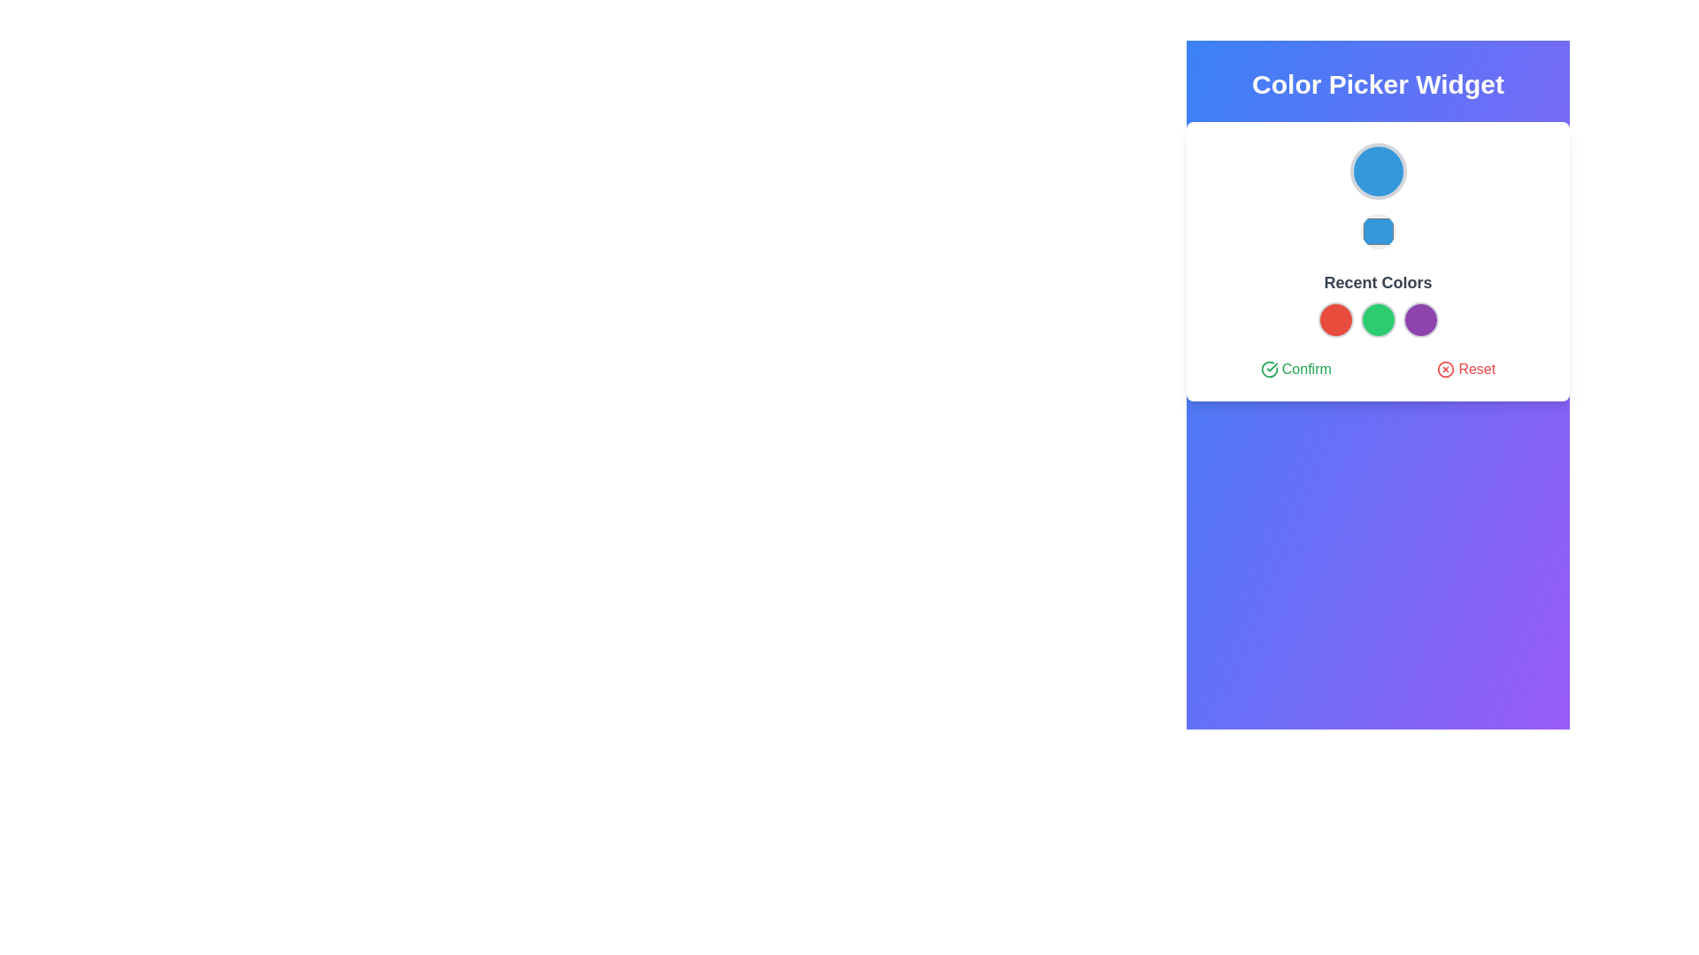  I want to click on the green circle checkmark icon located to the left of the 'Confirm' text in the lower left quadrant of the widget, so click(1268, 368).